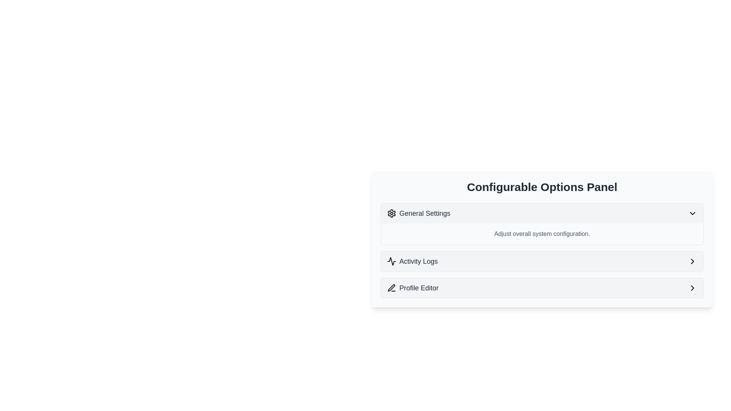  Describe the element at coordinates (418, 213) in the screenshot. I see `the Label with Icon that represents the section for configuring general settings within the application, located at the topmost position of the options panel` at that location.